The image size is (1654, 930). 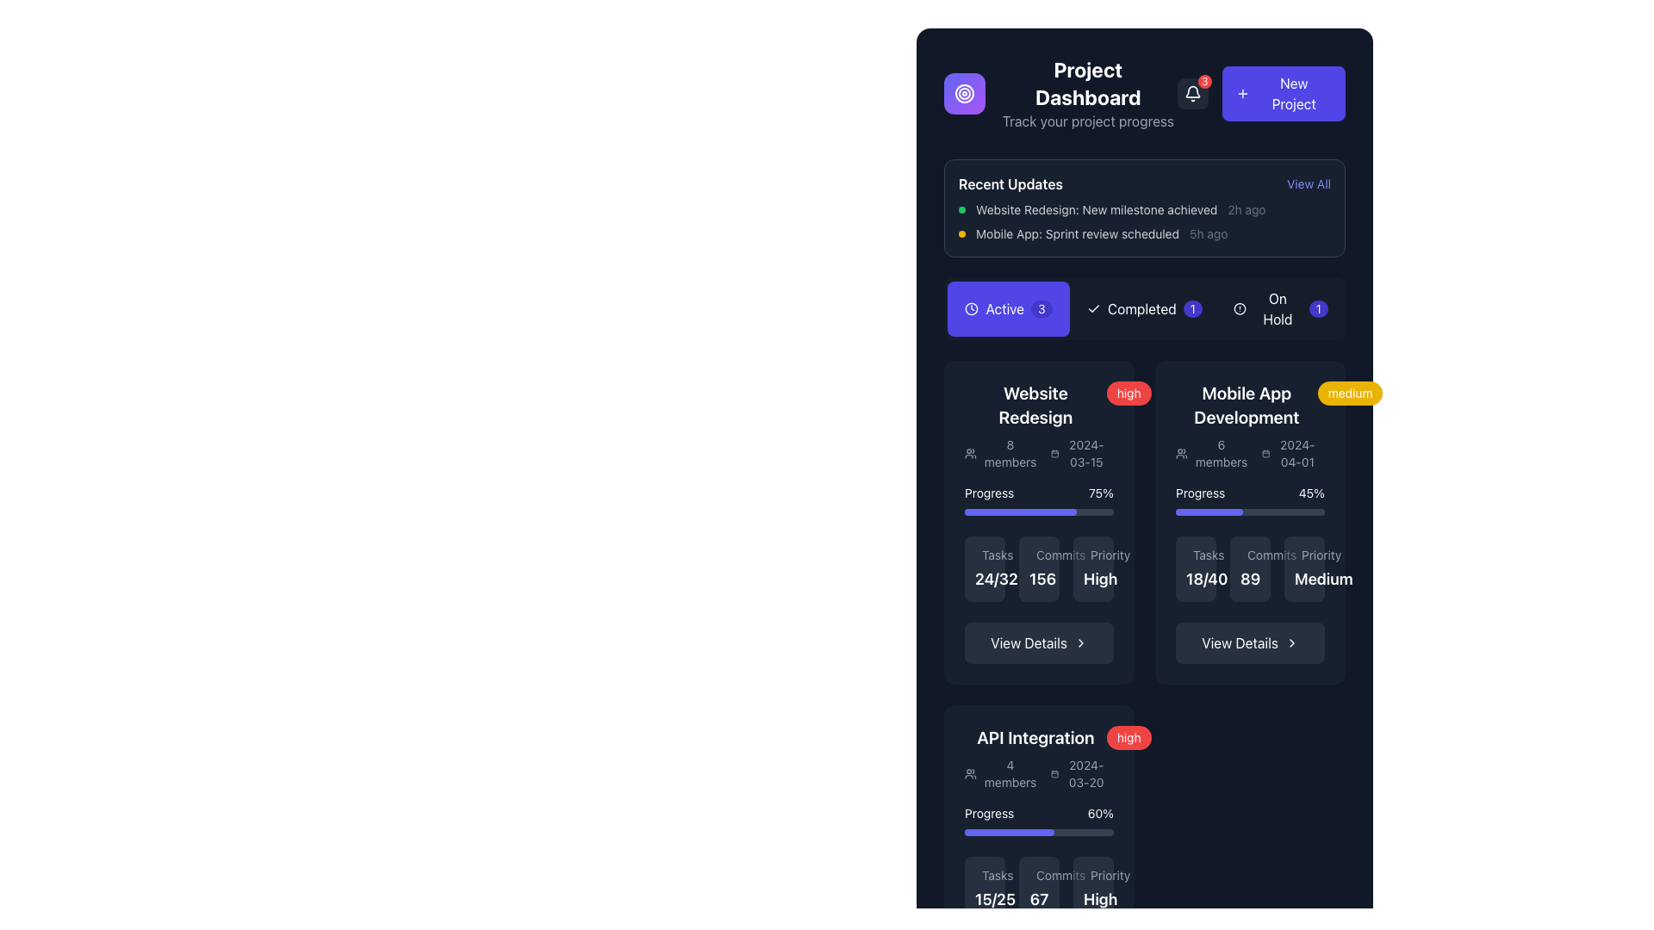 What do you see at coordinates (1035, 453) in the screenshot?
I see `the details provided by the Text information display, which shows metadata about the project including team size and associated date, located within the project card titled 'Website Redesign'` at bounding box center [1035, 453].